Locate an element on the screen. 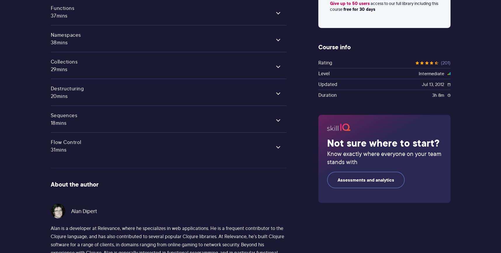 The image size is (501, 253). '18mins' is located at coordinates (58, 122).